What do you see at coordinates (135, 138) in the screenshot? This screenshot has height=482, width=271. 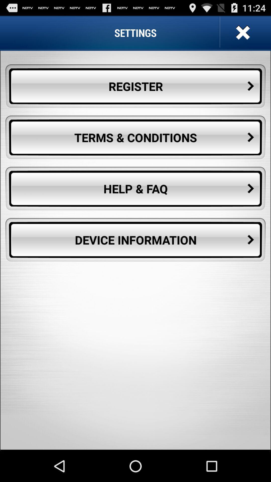 I see `item below the register icon` at bounding box center [135, 138].